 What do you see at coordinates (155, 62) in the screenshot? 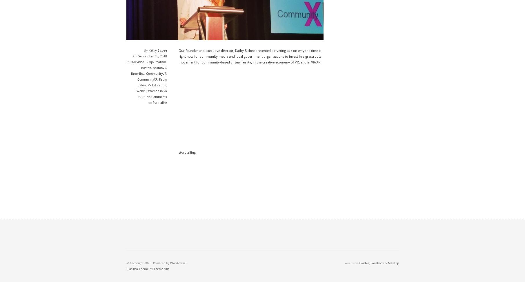
I see `'360journalism'` at bounding box center [155, 62].